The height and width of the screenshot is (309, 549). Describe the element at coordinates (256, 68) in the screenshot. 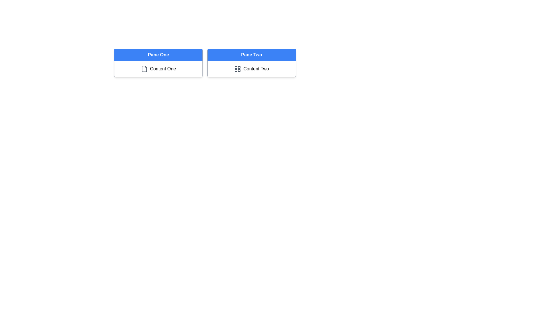

I see `text label that displays 'Content Two' styled in black, located within the right card labeled 'Pane Two', to the right of a grid icon` at that location.